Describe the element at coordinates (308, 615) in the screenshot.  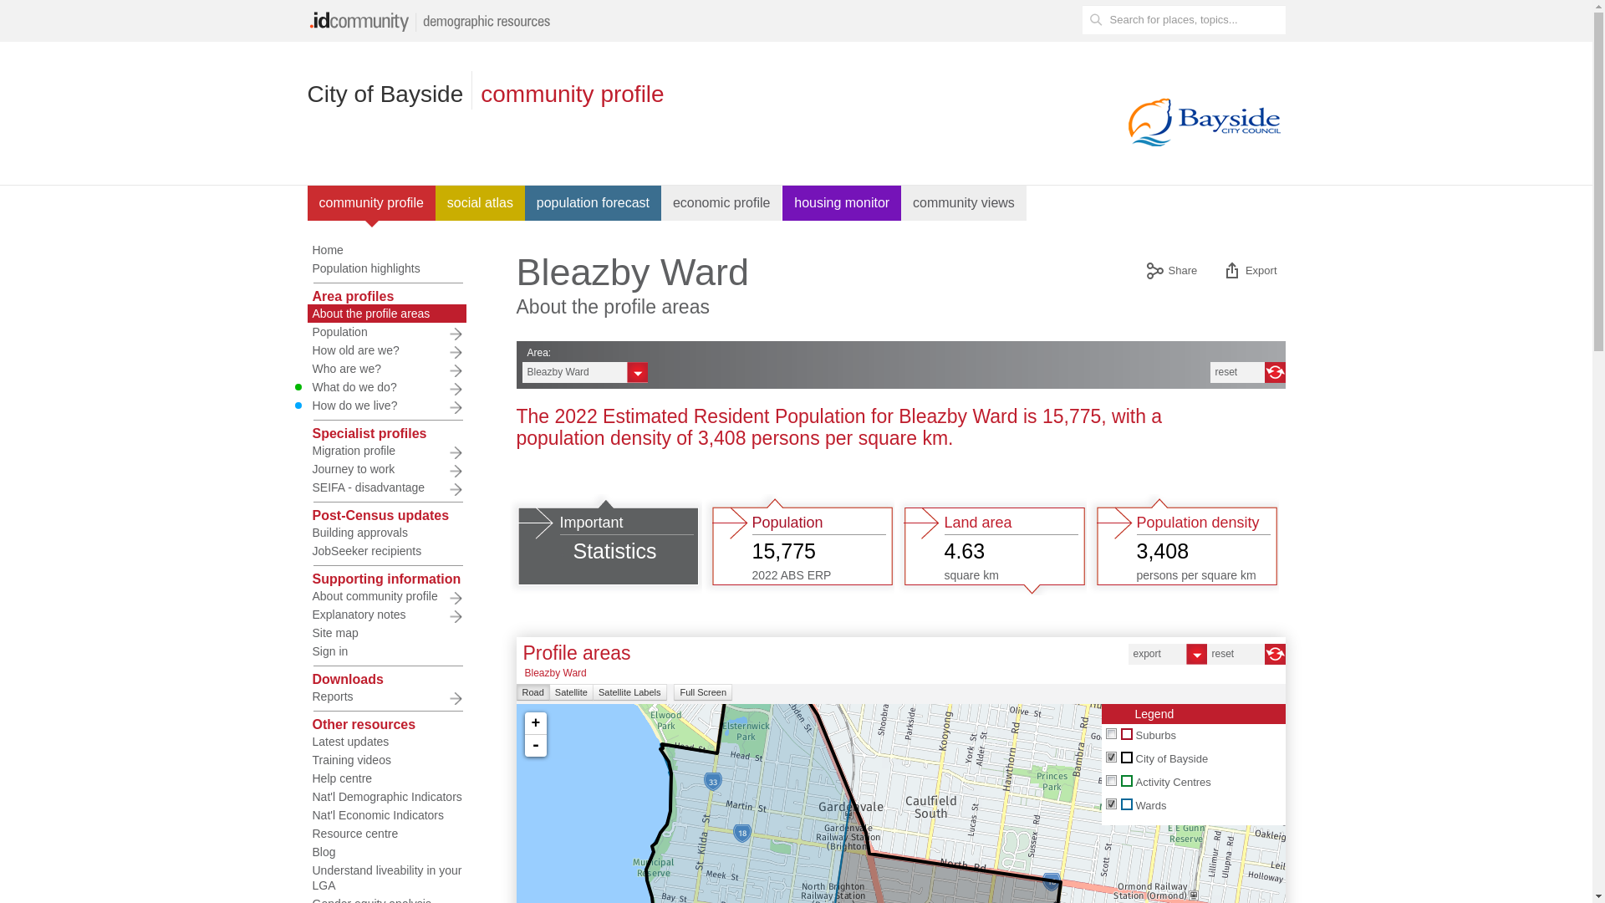
I see `'Explanatory notes` at that location.